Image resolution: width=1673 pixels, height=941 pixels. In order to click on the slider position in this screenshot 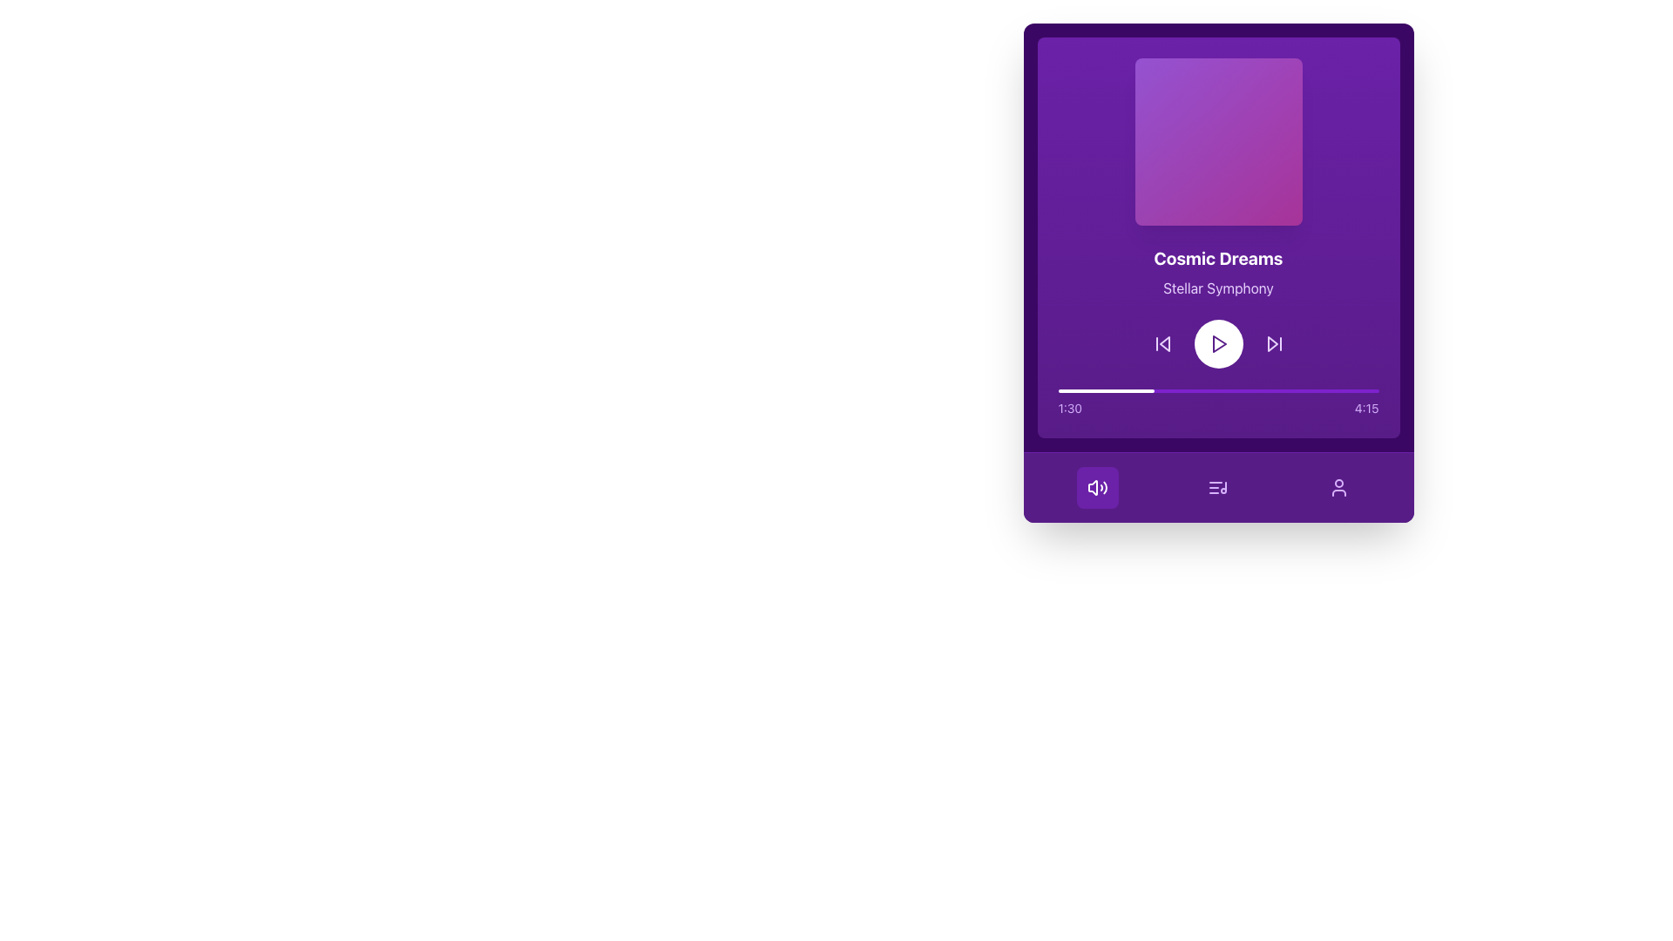, I will do `click(1103, 389)`.